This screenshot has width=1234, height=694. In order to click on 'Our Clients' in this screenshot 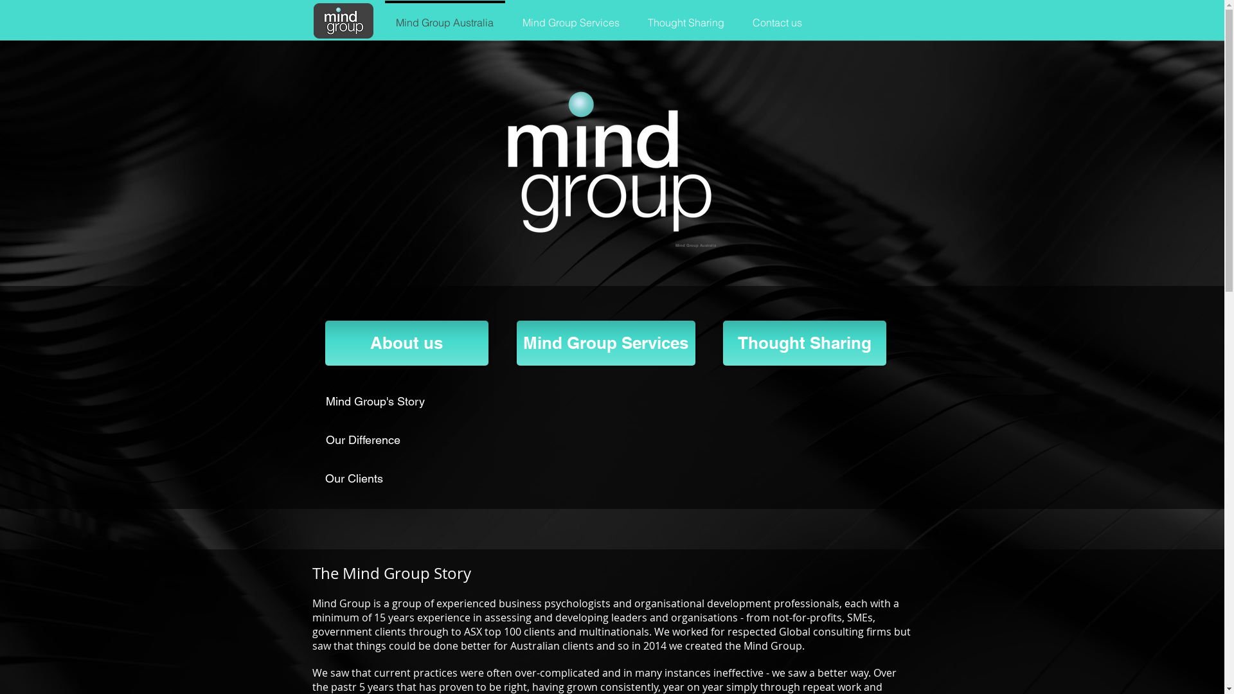, I will do `click(325, 478)`.